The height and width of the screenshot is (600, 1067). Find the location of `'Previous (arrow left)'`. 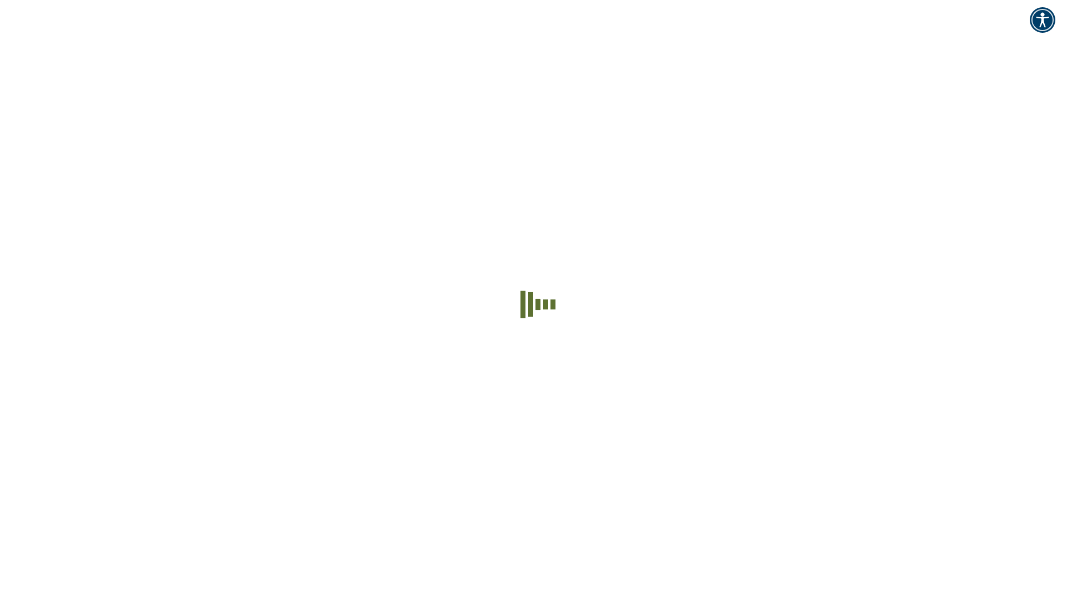

'Previous (arrow left)' is located at coordinates (8, 479).